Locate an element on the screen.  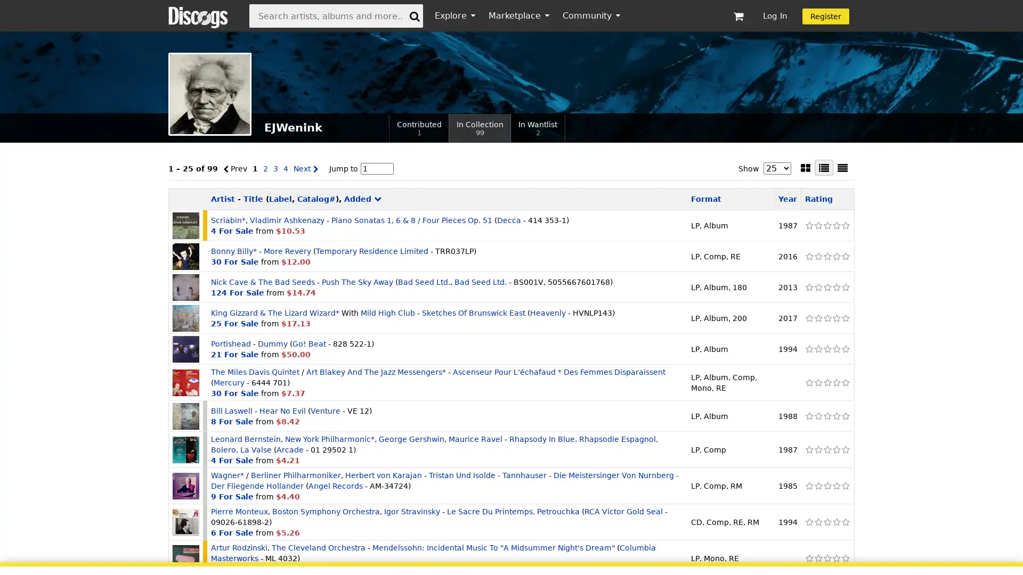
Rate this release 3 stars. is located at coordinates (826, 558).